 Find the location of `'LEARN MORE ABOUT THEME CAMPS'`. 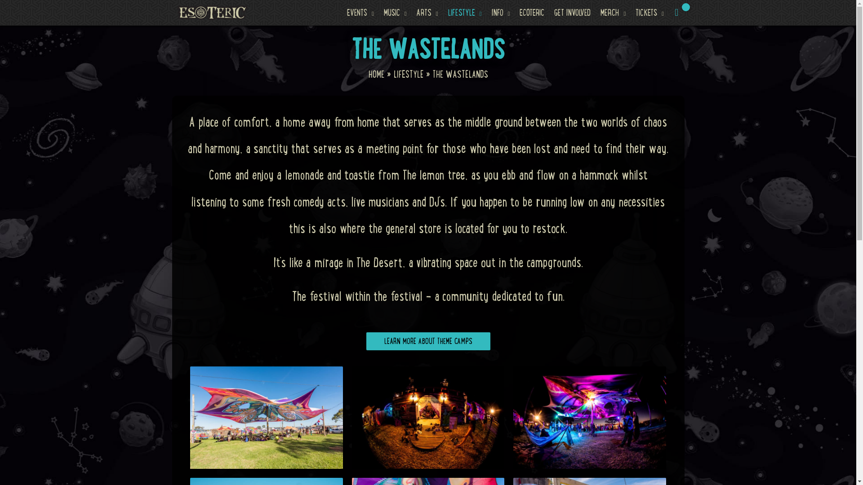

'LEARN MORE ABOUT THEME CAMPS' is located at coordinates (427, 341).